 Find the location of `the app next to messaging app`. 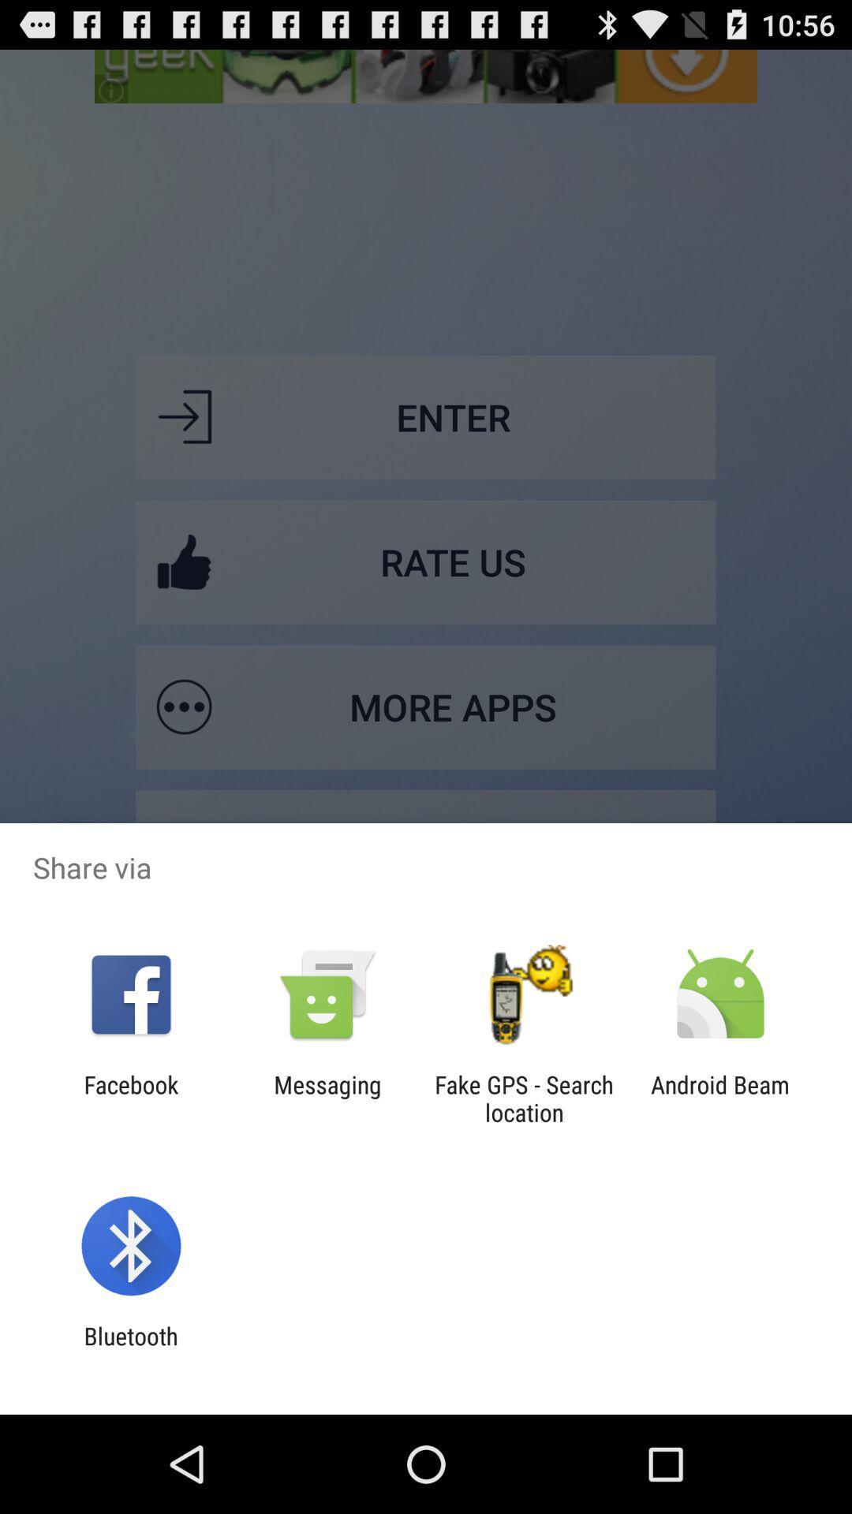

the app next to messaging app is located at coordinates (130, 1098).